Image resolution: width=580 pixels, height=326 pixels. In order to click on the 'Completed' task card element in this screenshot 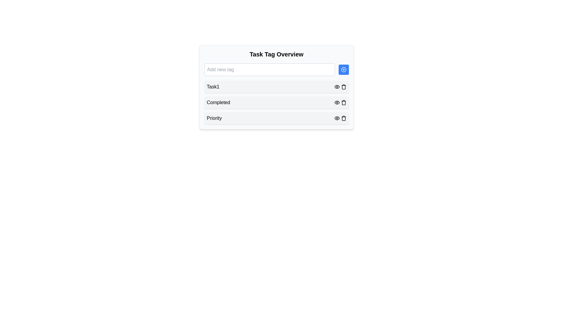, I will do `click(276, 102)`.